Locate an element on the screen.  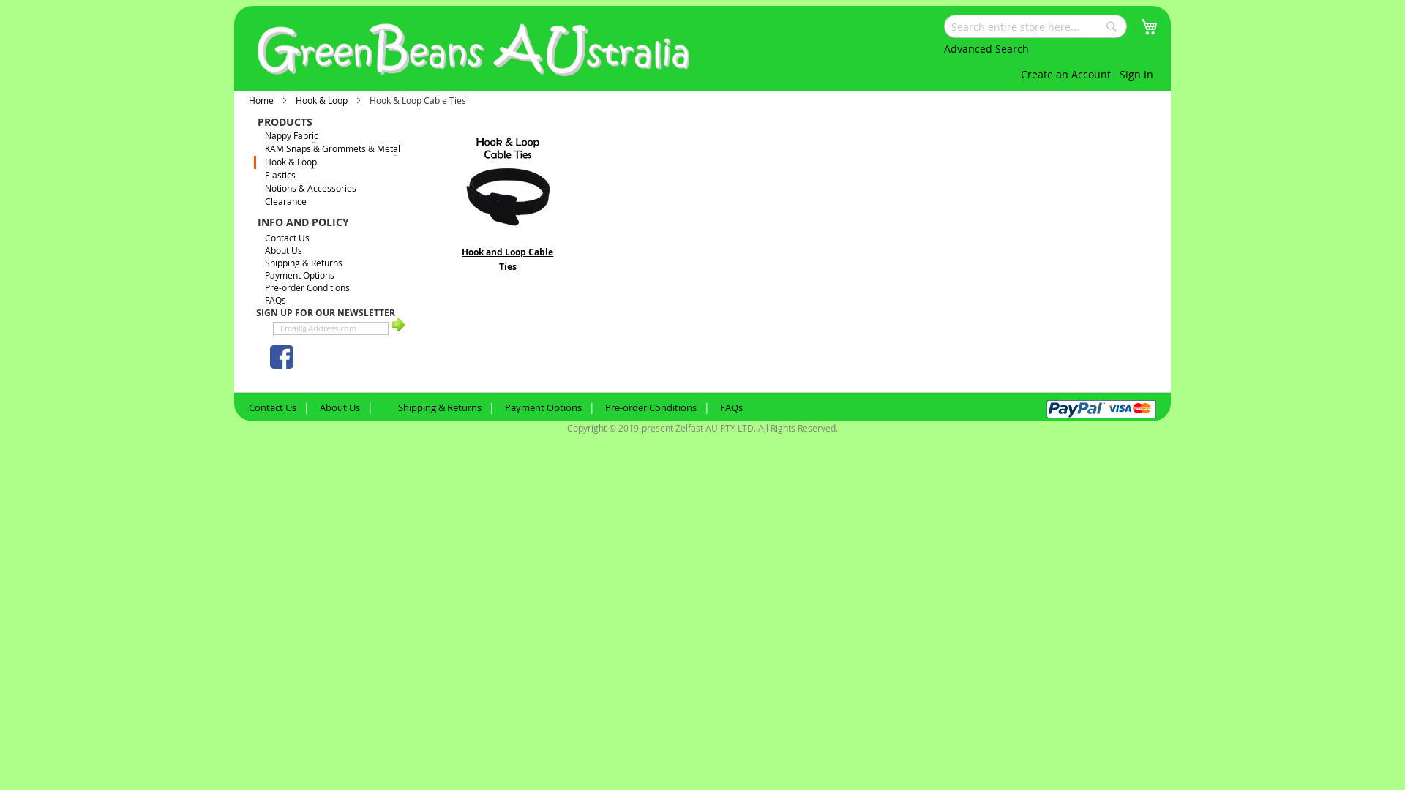
'Create an Account' is located at coordinates (1065, 74).